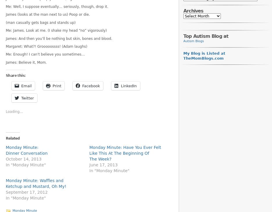 This screenshot has height=212, width=272. What do you see at coordinates (27, 97) in the screenshot?
I see `'Twitter'` at bounding box center [27, 97].